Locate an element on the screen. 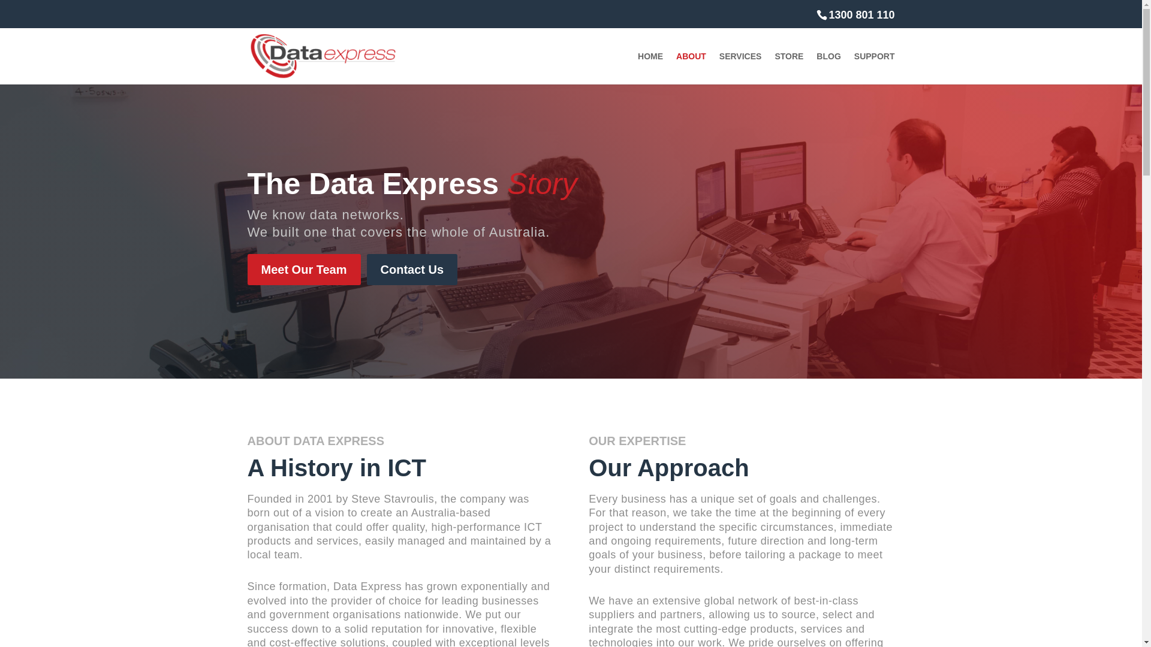  '1300 801 110' is located at coordinates (854, 14).